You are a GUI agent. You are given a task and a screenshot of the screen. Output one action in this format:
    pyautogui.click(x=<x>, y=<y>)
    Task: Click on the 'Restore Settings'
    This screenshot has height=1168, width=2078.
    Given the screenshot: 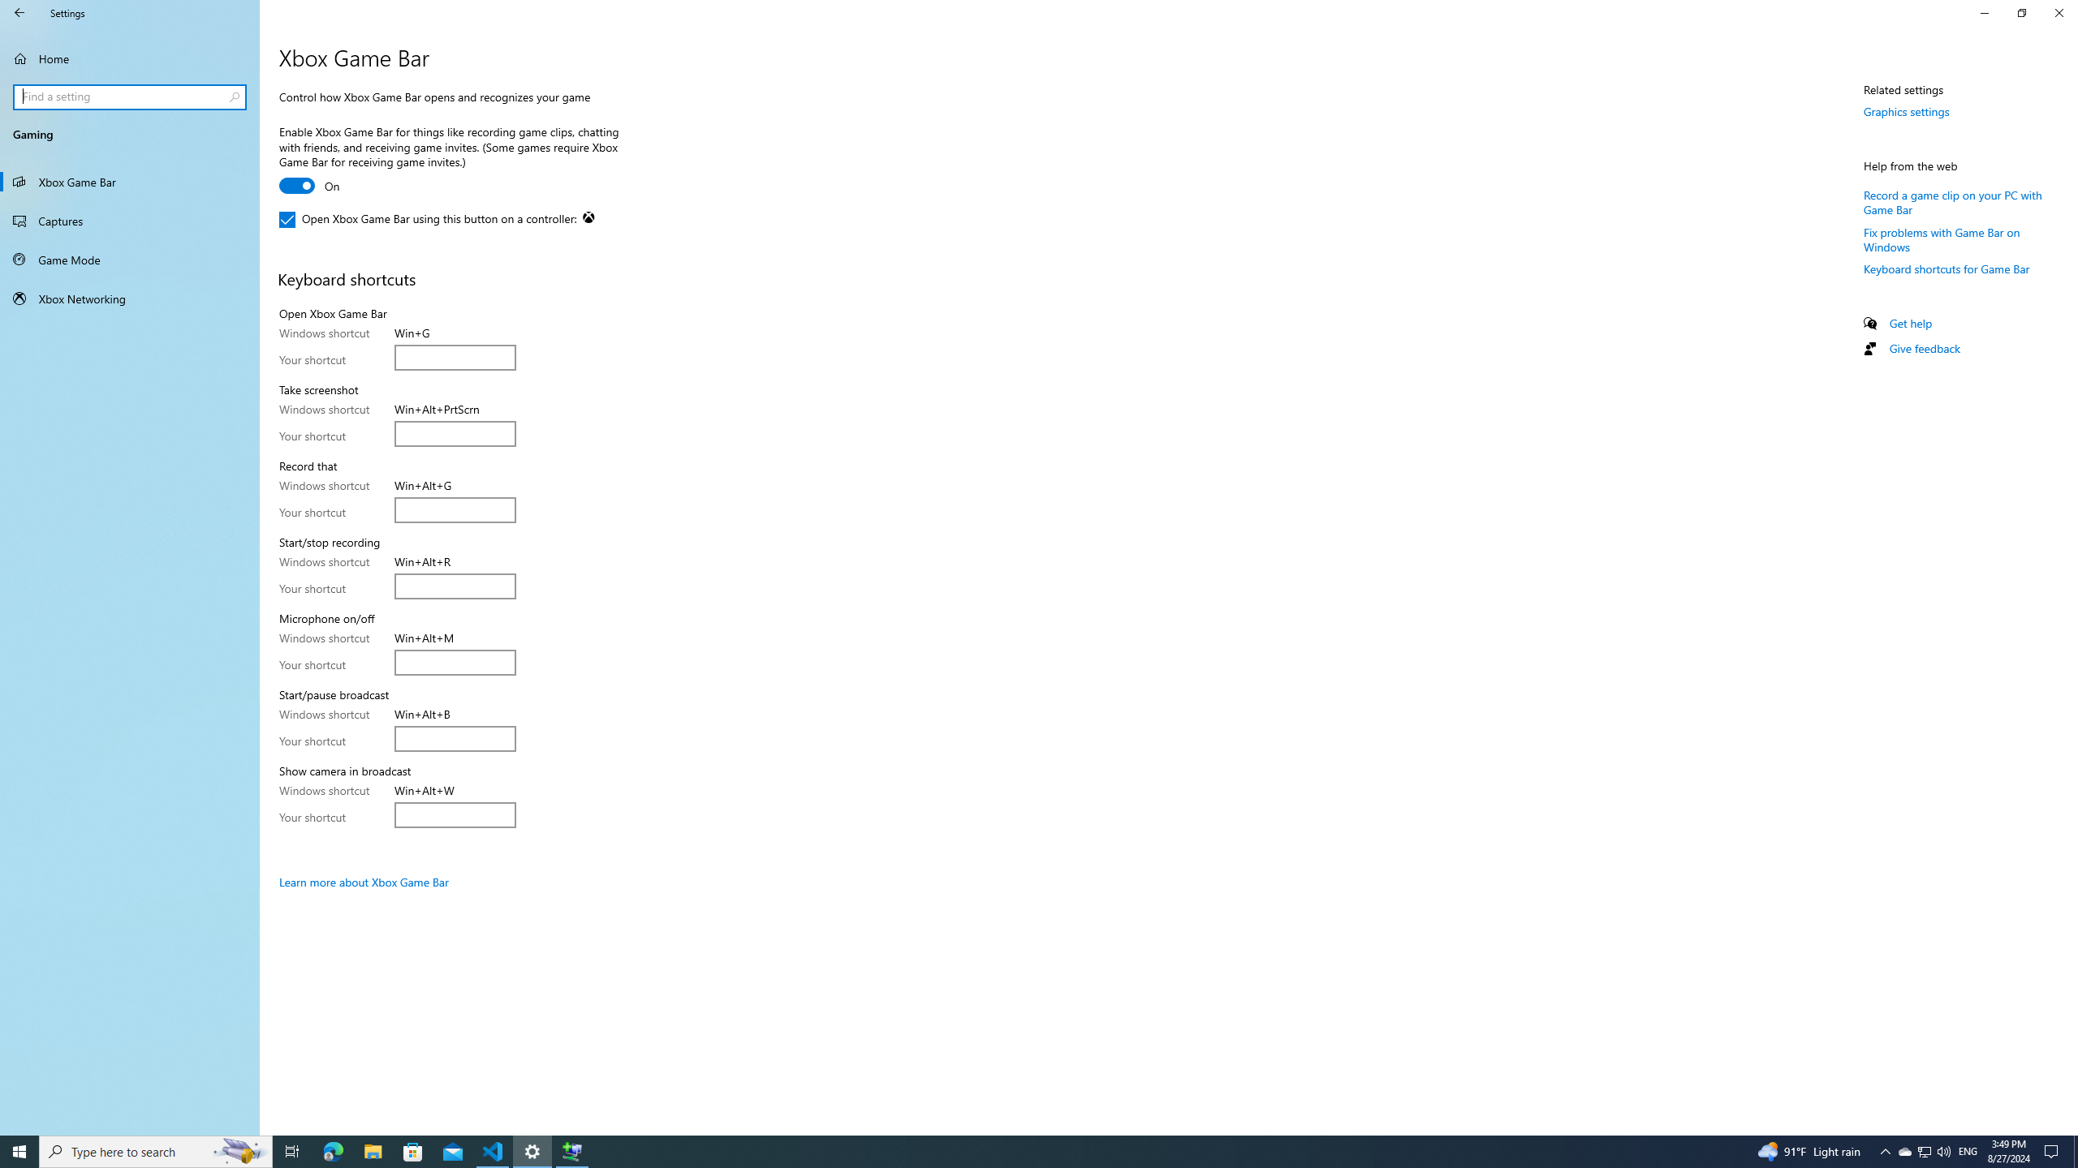 What is the action you would take?
    pyautogui.click(x=2021, y=12)
    